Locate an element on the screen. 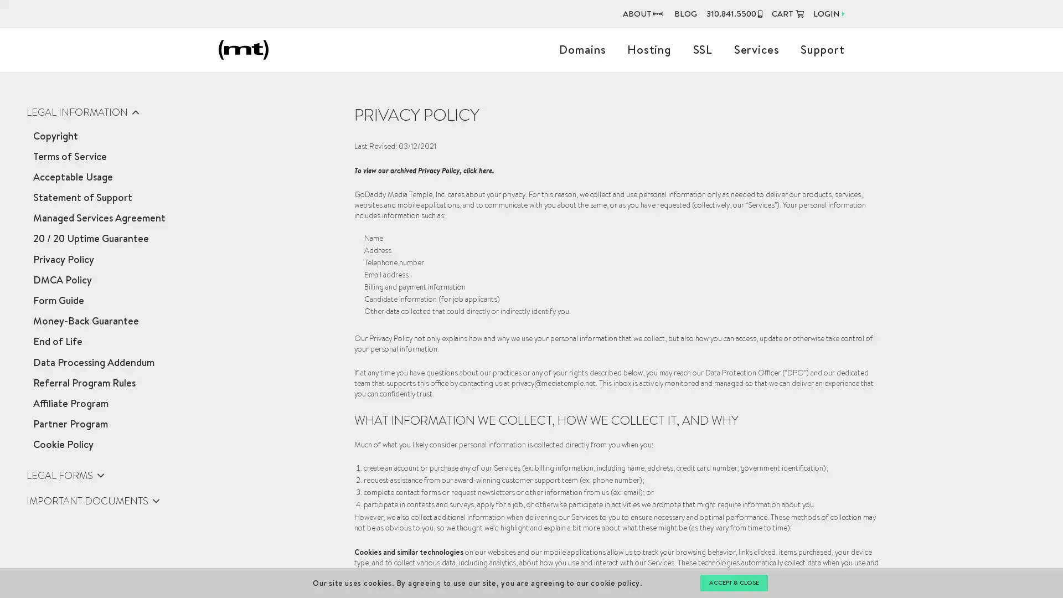 The image size is (1063, 598). ACCEPT & CLOSE is located at coordinates (733, 582).